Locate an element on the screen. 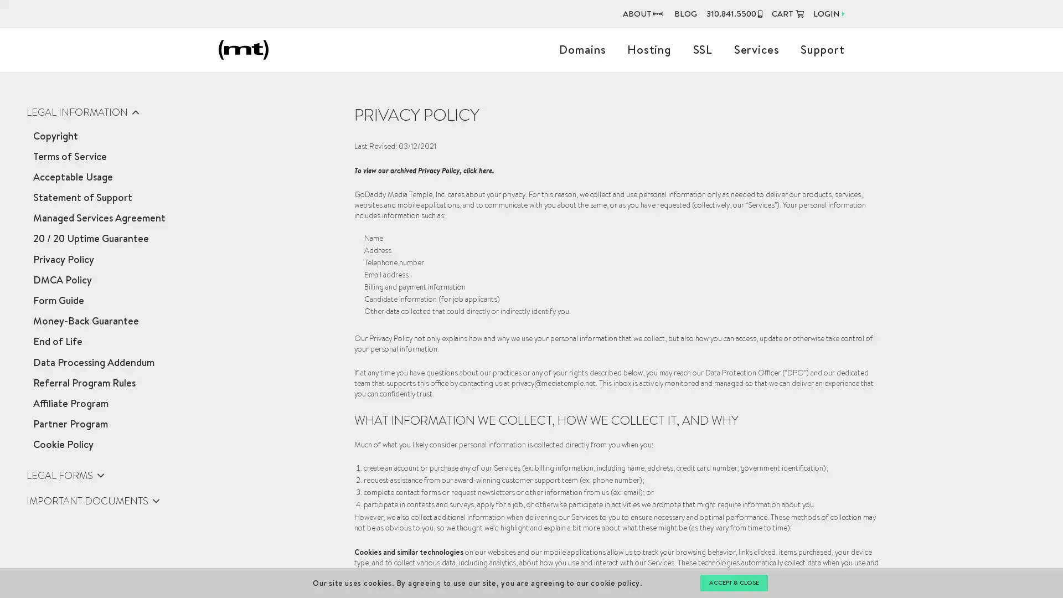 The image size is (1063, 598). ACCEPT & CLOSE is located at coordinates (733, 582).